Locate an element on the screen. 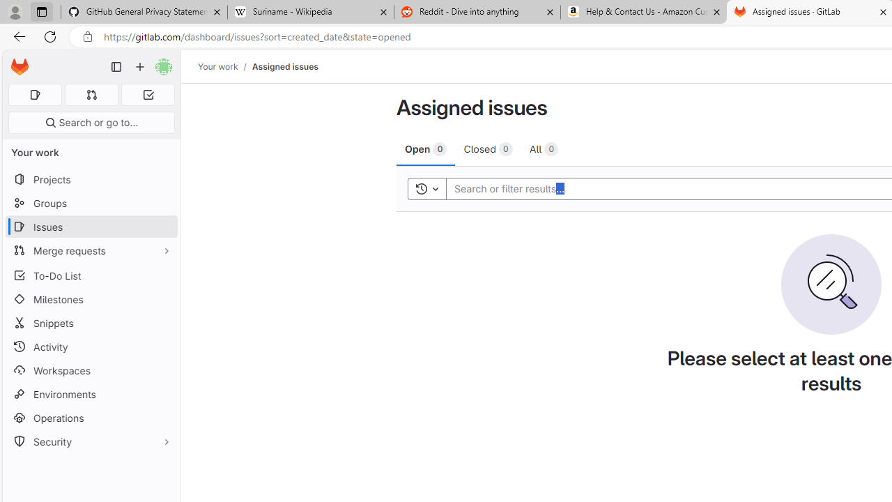 The width and height of the screenshot is (892, 502). 'Merge requests' is located at coordinates (91, 250).